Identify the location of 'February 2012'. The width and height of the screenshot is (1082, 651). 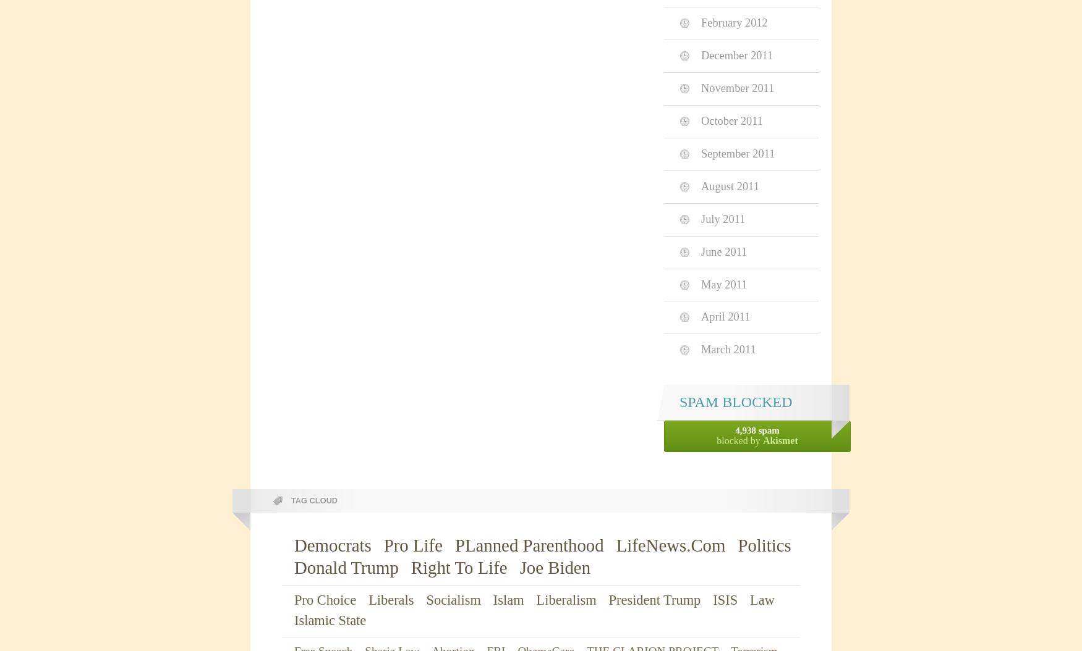
(733, 22).